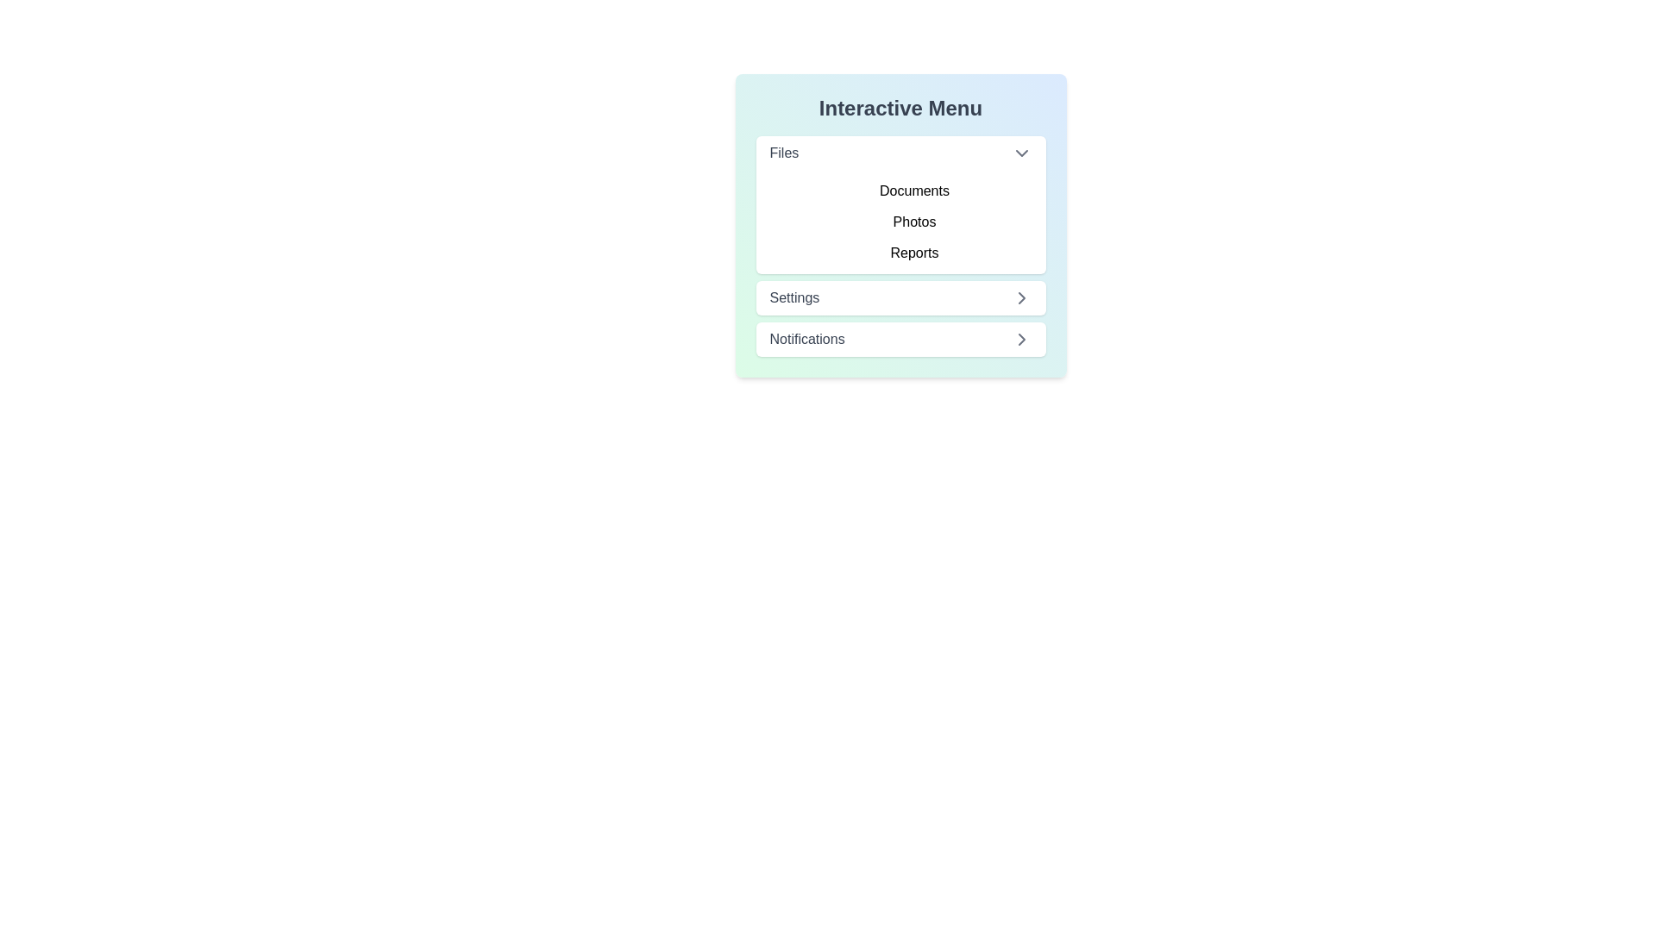  What do you see at coordinates (900, 339) in the screenshot?
I see `the Notifications navigation button, which is the last item in the vertical group of similar buttons located at the bottom of the group, below 'Settings'` at bounding box center [900, 339].